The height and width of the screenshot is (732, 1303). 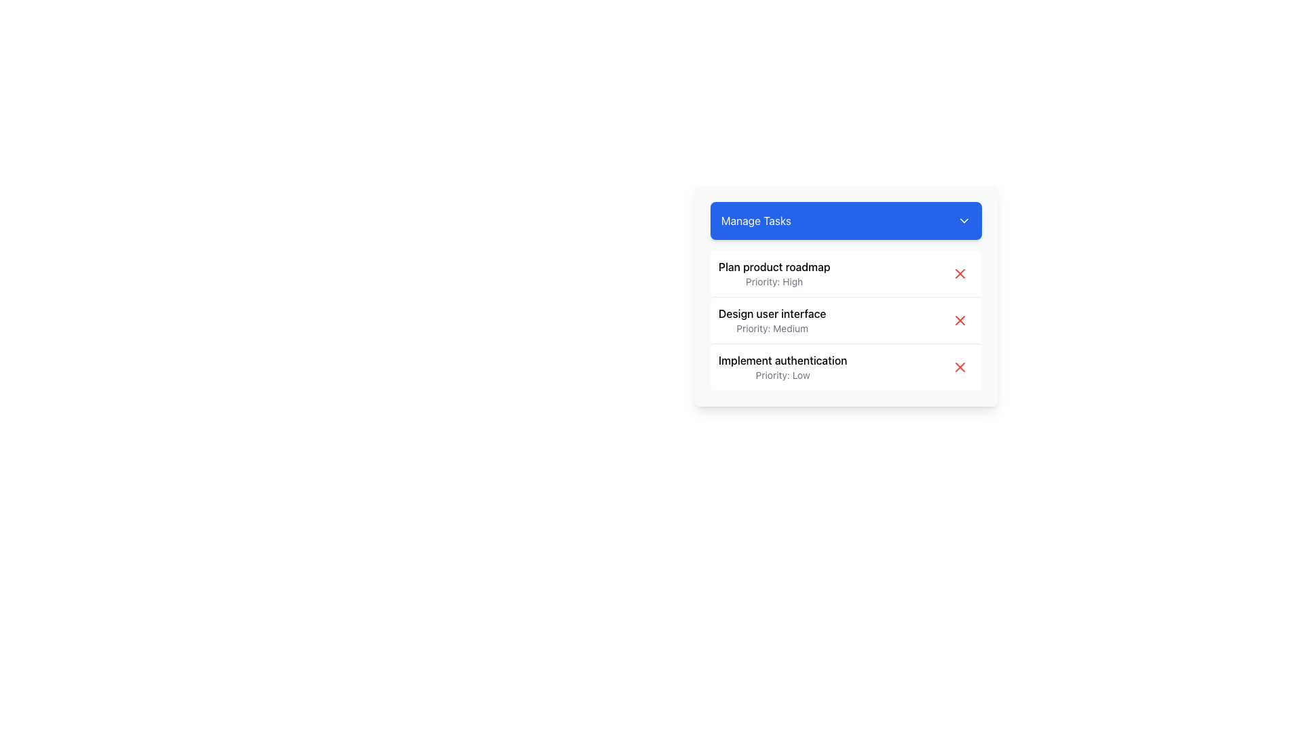 I want to click on the delete icon located in the task entry row for 'Design user interface', so click(x=960, y=321).